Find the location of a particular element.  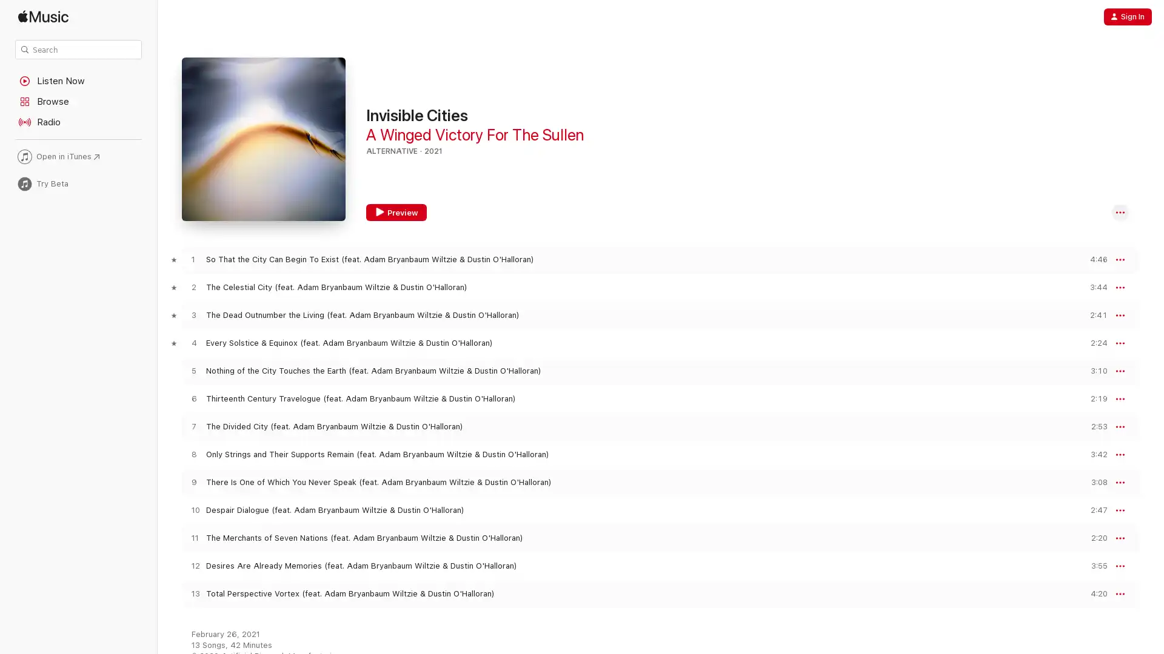

More is located at coordinates (1120, 593).